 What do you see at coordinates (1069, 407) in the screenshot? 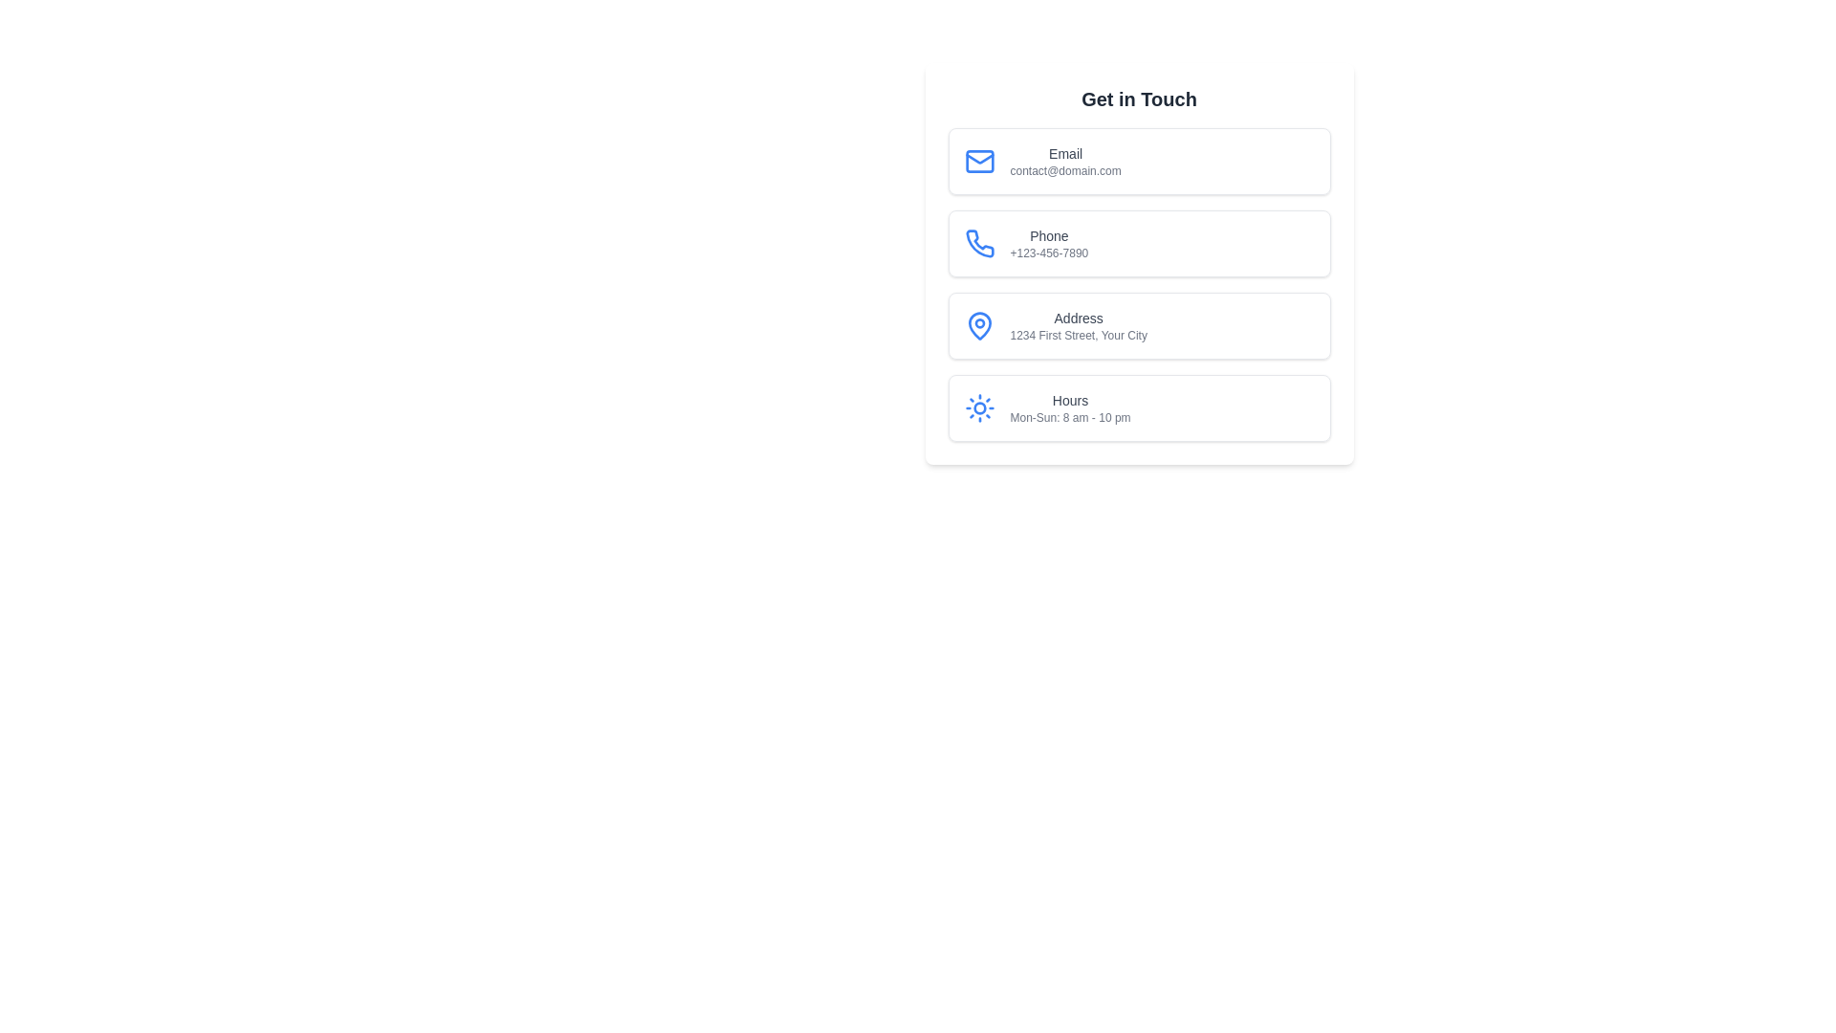
I see `the non-interactive text display element that shows 'Hours' and 'Mon-Sun: 8 am - 10 pm', located to the right of the blue sun icon within the fourth item of a vertical list` at bounding box center [1069, 407].